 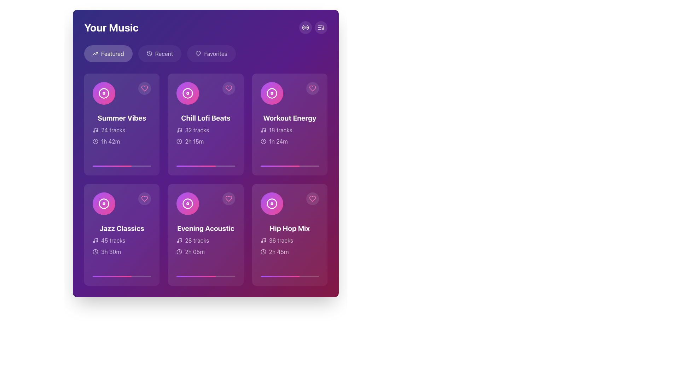 What do you see at coordinates (312, 88) in the screenshot?
I see `the heart icon in the top-right corner of the 'Workout Energy' card` at bounding box center [312, 88].